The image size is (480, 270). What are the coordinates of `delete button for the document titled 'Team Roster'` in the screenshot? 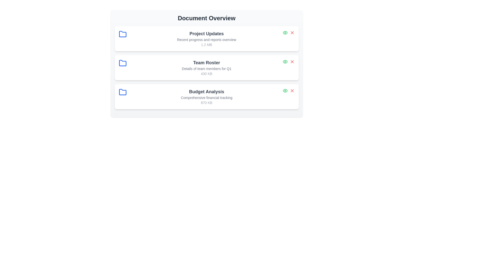 It's located at (292, 61).